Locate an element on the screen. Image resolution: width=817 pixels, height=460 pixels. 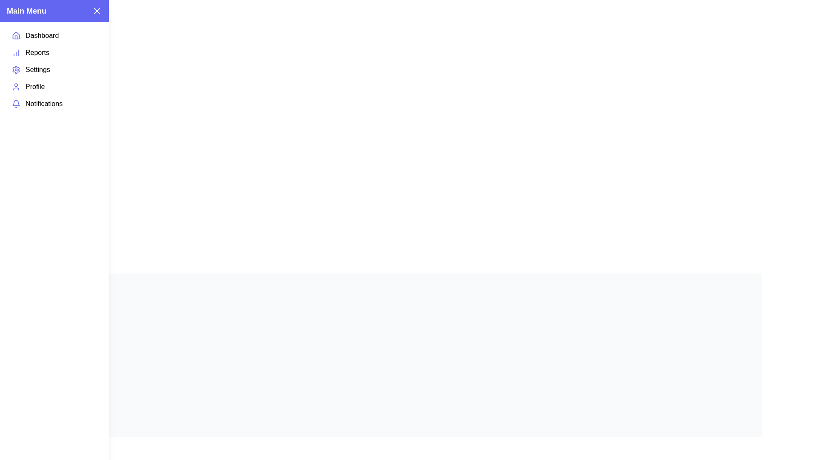
the 'Dashboard' icon in the navigation menu is located at coordinates (16, 35).